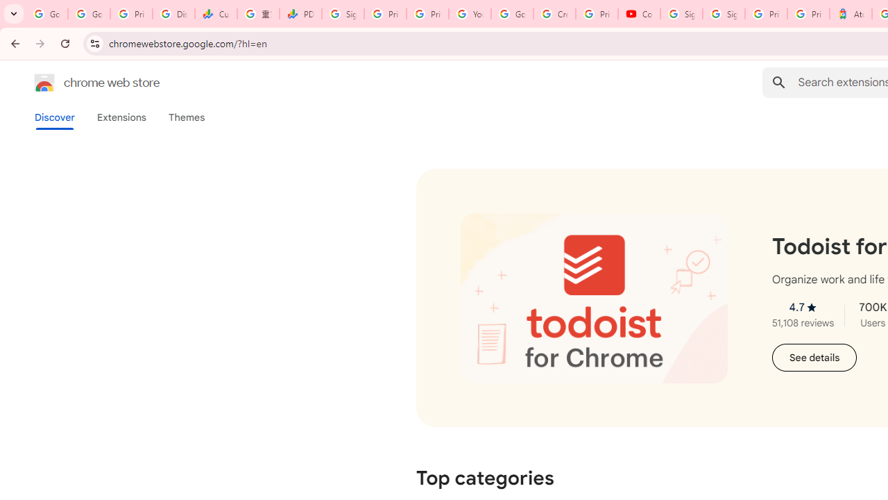 Image resolution: width=888 pixels, height=500 pixels. What do you see at coordinates (300, 14) in the screenshot?
I see `'PDD Holdings Inc - ADR (PDD) Price & News - Google Finance'` at bounding box center [300, 14].